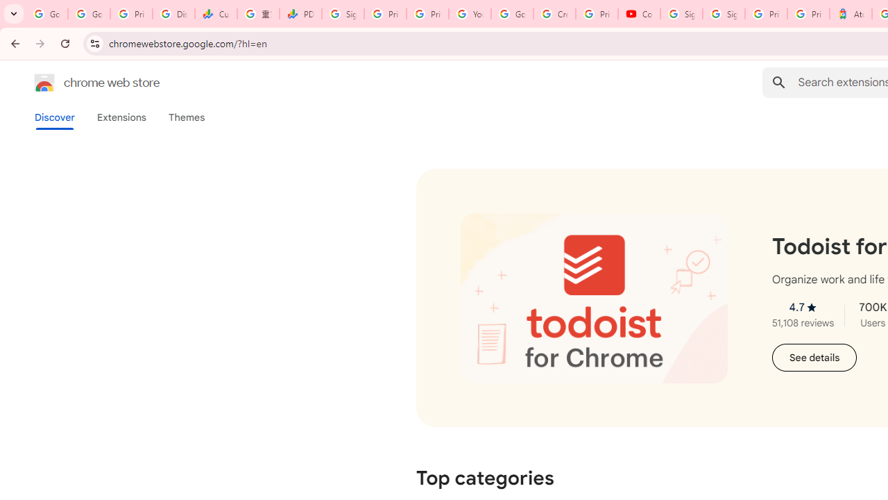 Image resolution: width=888 pixels, height=500 pixels. What do you see at coordinates (300, 14) in the screenshot?
I see `'PDD Holdings Inc - ADR (PDD) Price & News - Google Finance'` at bounding box center [300, 14].